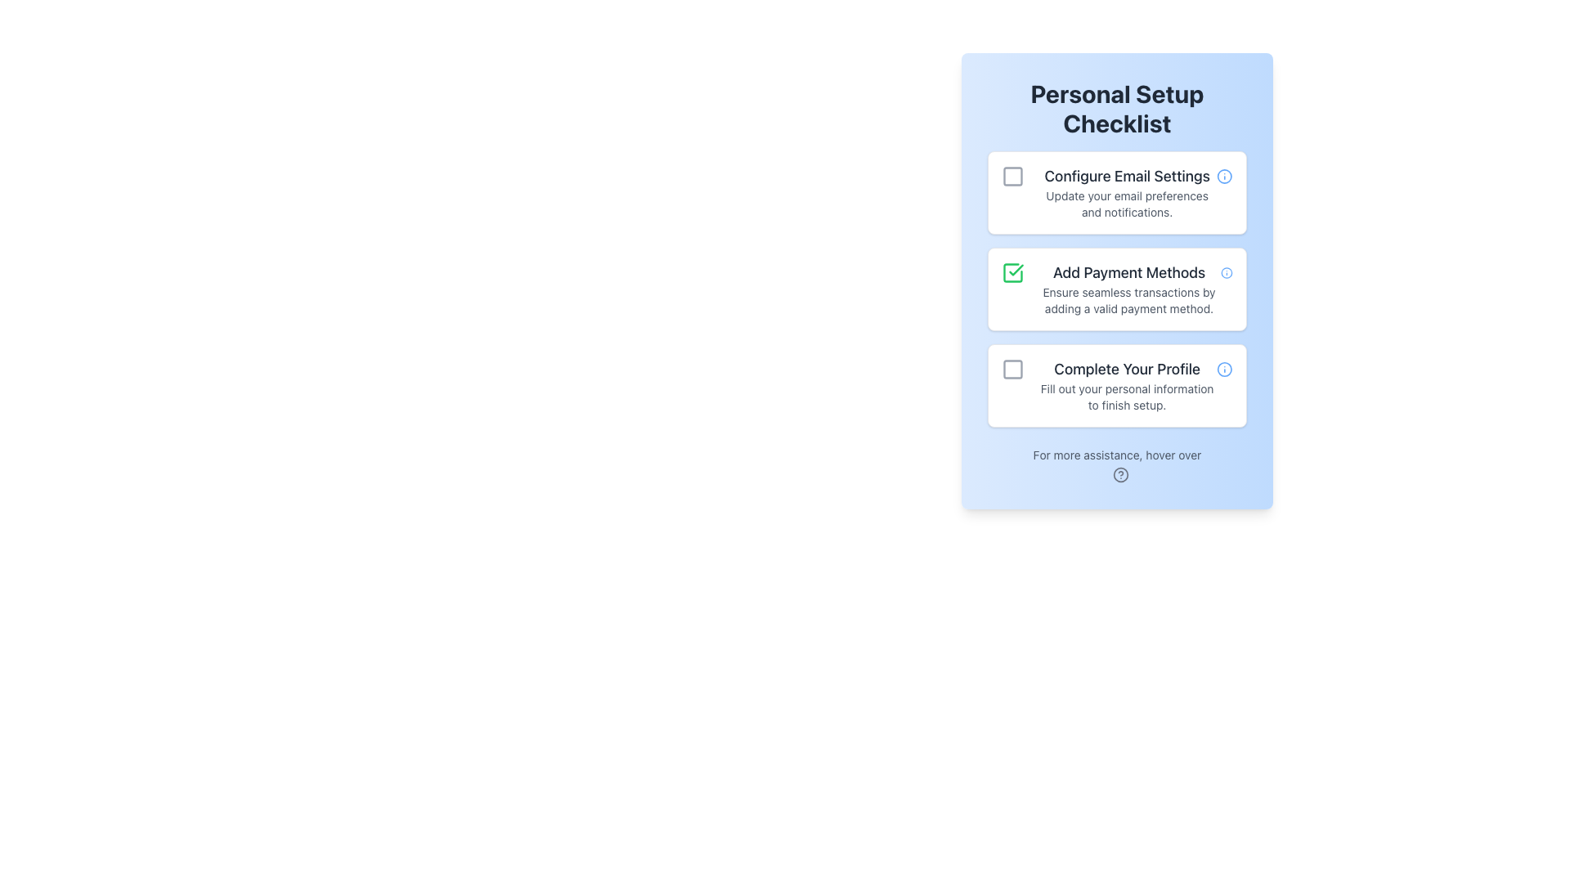  Describe the element at coordinates (1012, 272) in the screenshot. I see `the checkmark icon that symbolizes the completion of the 'Add Payment Methods' task in the Personal Setup Checklist` at that location.